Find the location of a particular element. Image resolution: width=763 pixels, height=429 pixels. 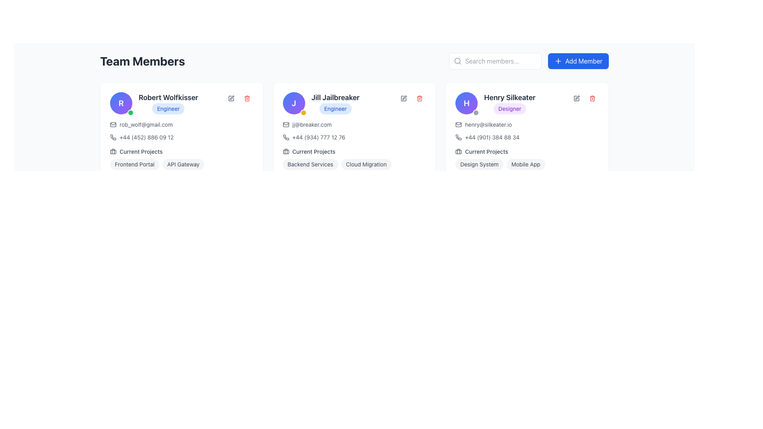

the delete button with an embedded trash icon located at the top-right corner of the user card for 'Henry Silkeater' is located at coordinates (593, 98).